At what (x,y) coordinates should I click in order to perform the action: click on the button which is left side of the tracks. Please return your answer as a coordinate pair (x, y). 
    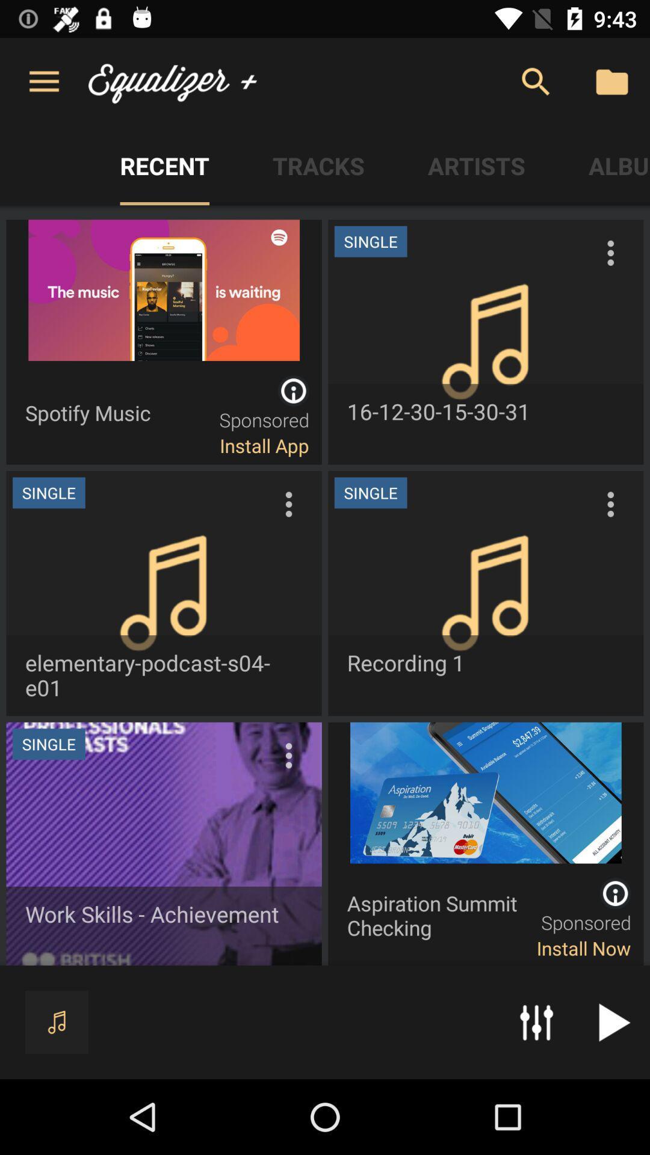
    Looking at the image, I should click on (164, 165).